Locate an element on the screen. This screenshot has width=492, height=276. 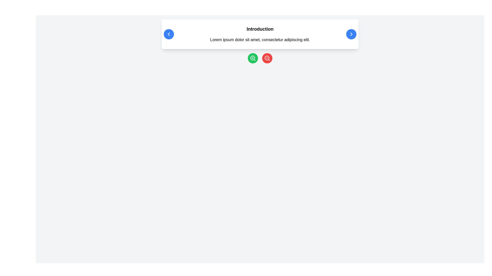
the green button within the grouped buttons control component located beneath the 'Introduction' heading to zoom in is located at coordinates (260, 58).